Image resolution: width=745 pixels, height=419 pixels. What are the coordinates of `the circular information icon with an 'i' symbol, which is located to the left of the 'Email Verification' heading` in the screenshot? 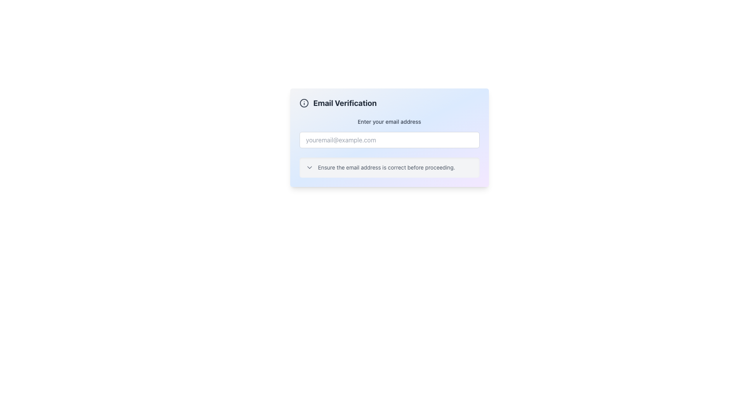 It's located at (303, 103).